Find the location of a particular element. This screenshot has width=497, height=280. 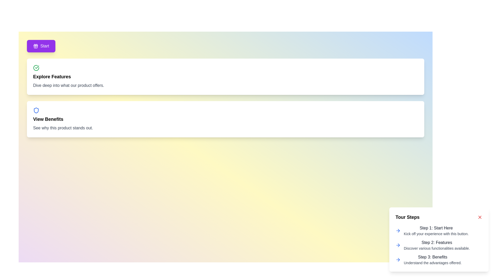

the icon that signifies forward progression, located immediately to the left of the text 'Features' under the 'Tour Steps' section is located at coordinates (398, 230).